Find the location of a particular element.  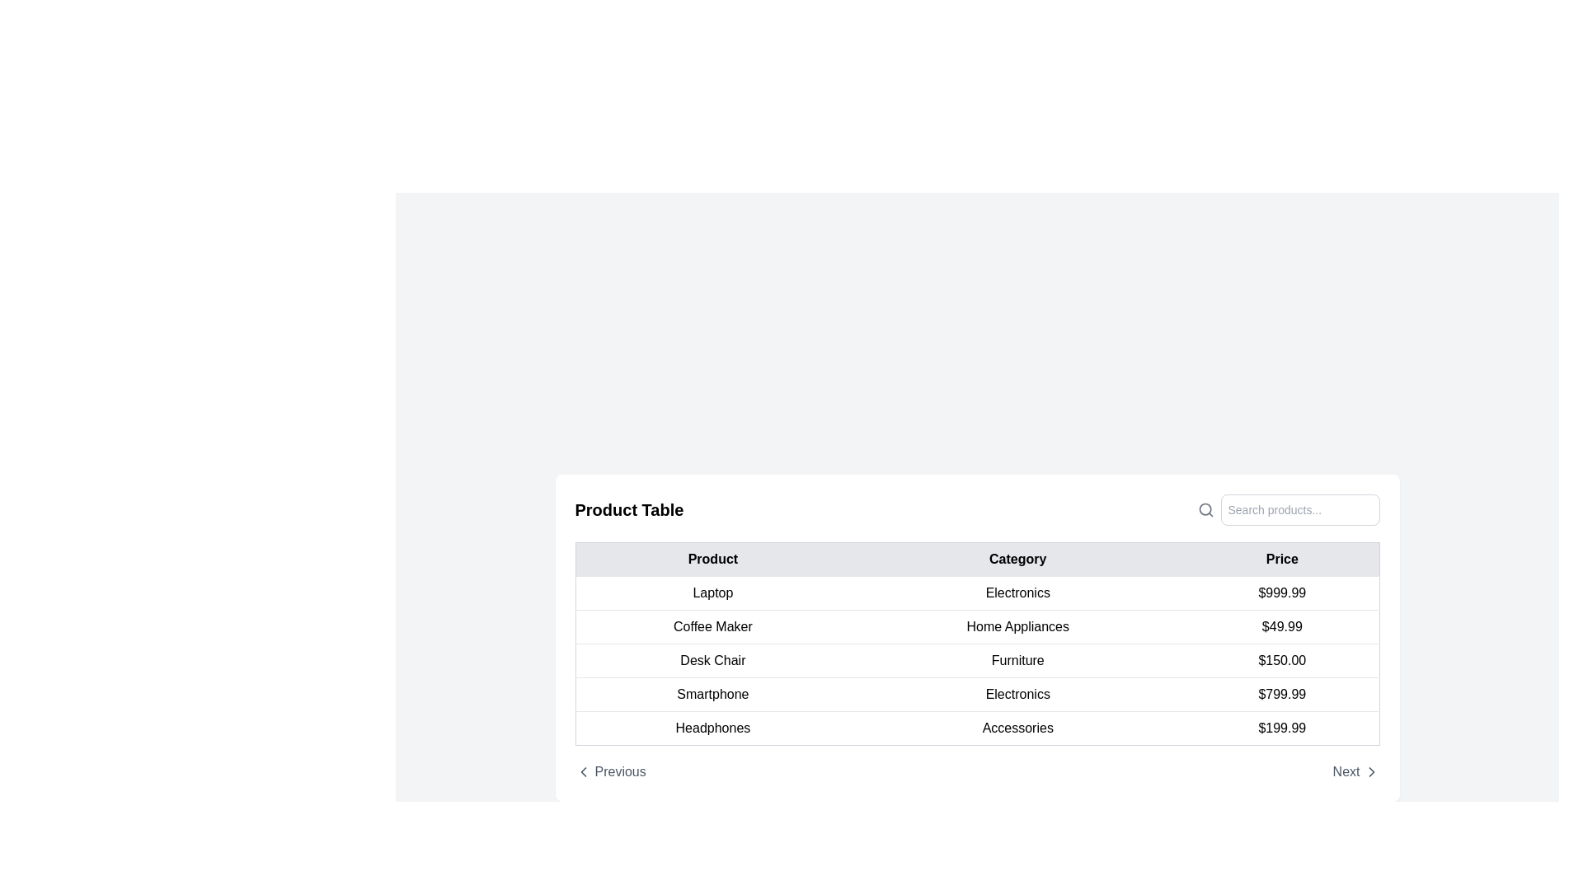

the text content of the 'Coffee Maker' label, which is a textual content block located in the second row of the product table under the 'Product' column is located at coordinates (712, 626).